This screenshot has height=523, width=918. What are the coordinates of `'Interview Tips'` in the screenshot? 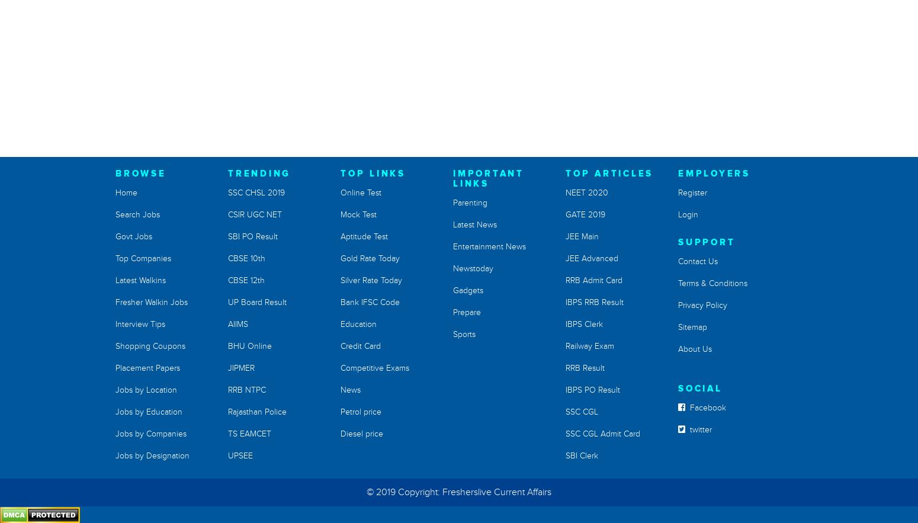 It's located at (140, 324).